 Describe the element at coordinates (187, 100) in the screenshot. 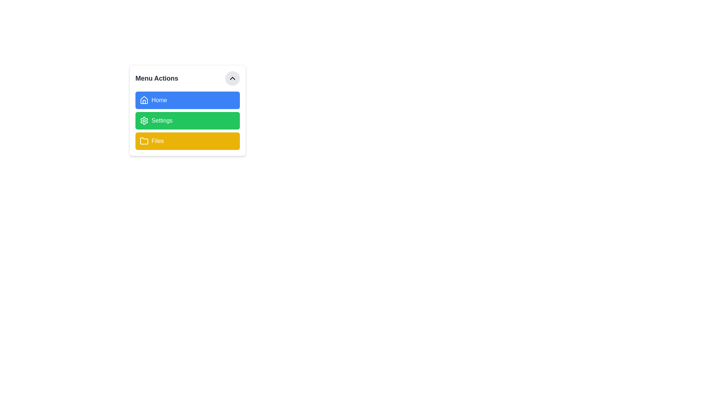

I see `the 'Home' button located in the vertical menu under 'Menu Actions'` at that location.